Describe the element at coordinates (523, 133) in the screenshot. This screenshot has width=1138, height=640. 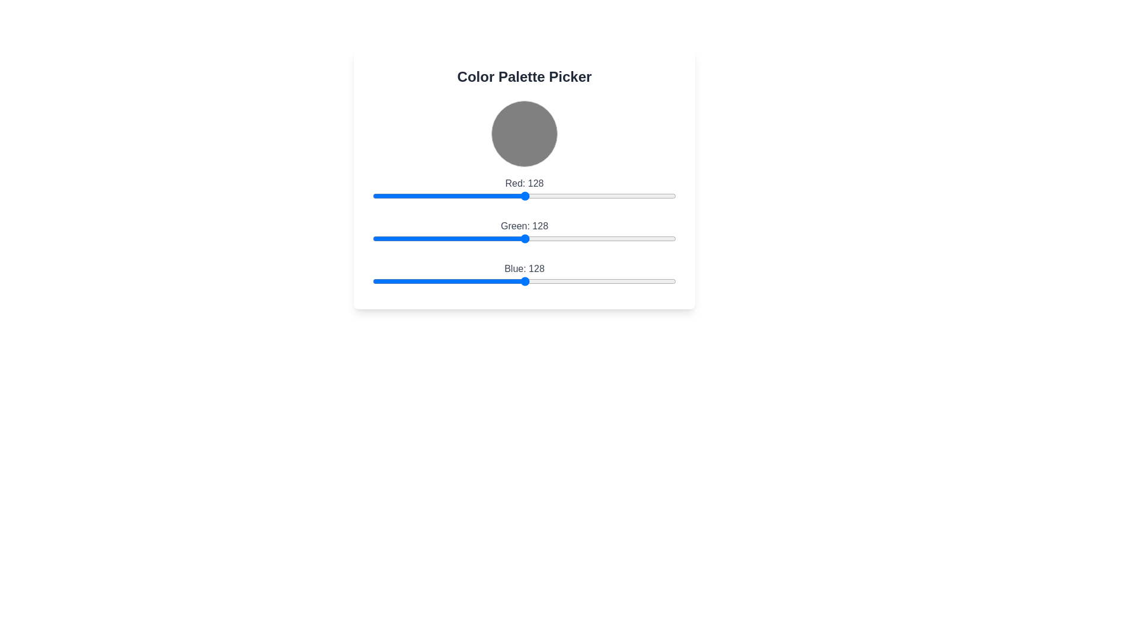
I see `the color display element that shows the current color selection in the color palette picker tool, located under the title 'Color Palette Picker'` at that location.